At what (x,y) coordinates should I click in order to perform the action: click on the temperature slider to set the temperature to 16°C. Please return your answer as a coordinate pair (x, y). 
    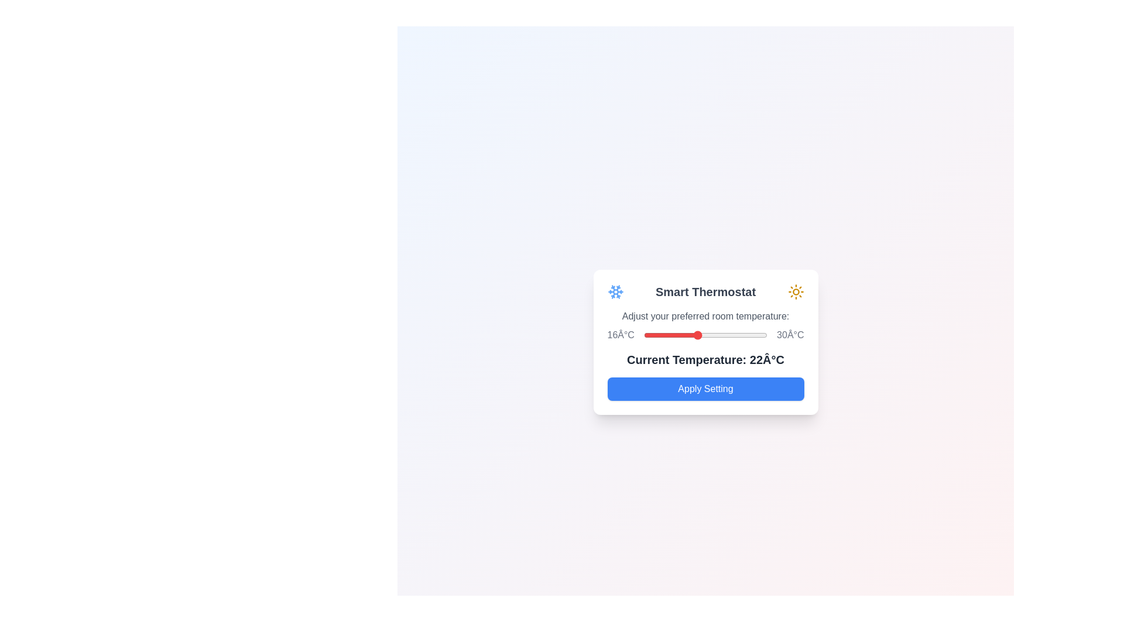
    Looking at the image, I should click on (643, 335).